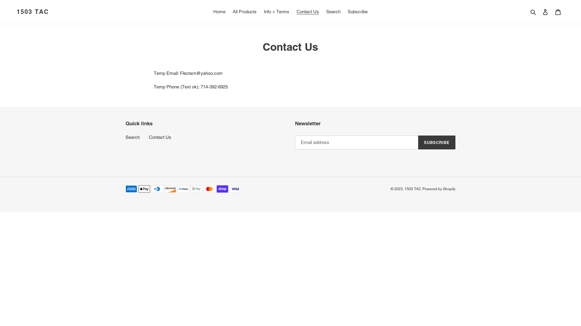 The width and height of the screenshot is (581, 326). Describe the element at coordinates (528, 12) in the screenshot. I see `'Search'` at that location.